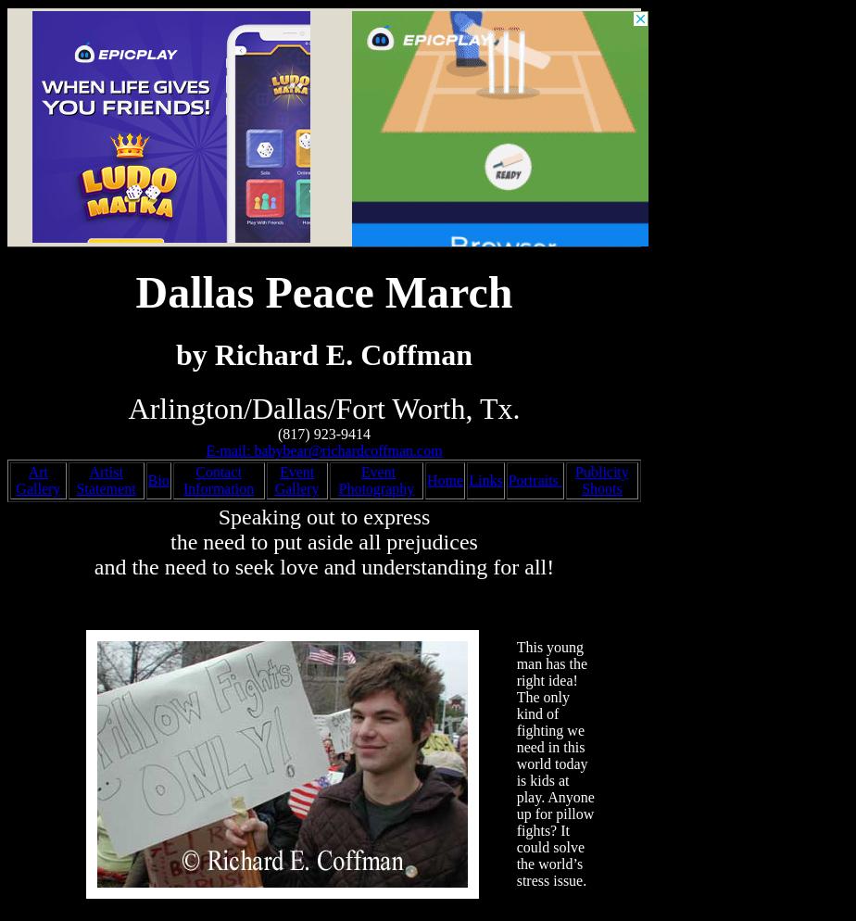 The height and width of the screenshot is (921, 856). Describe the element at coordinates (296, 480) in the screenshot. I see `'Event Gallery'` at that location.